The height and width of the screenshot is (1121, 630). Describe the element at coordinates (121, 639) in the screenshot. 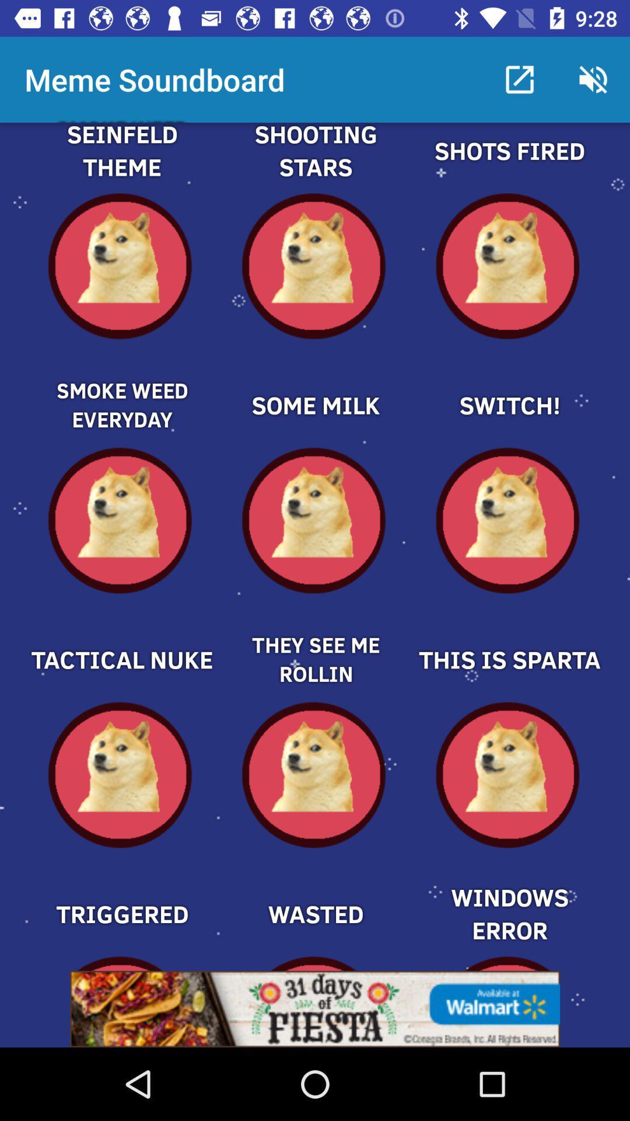

I see `tactical nuke` at that location.